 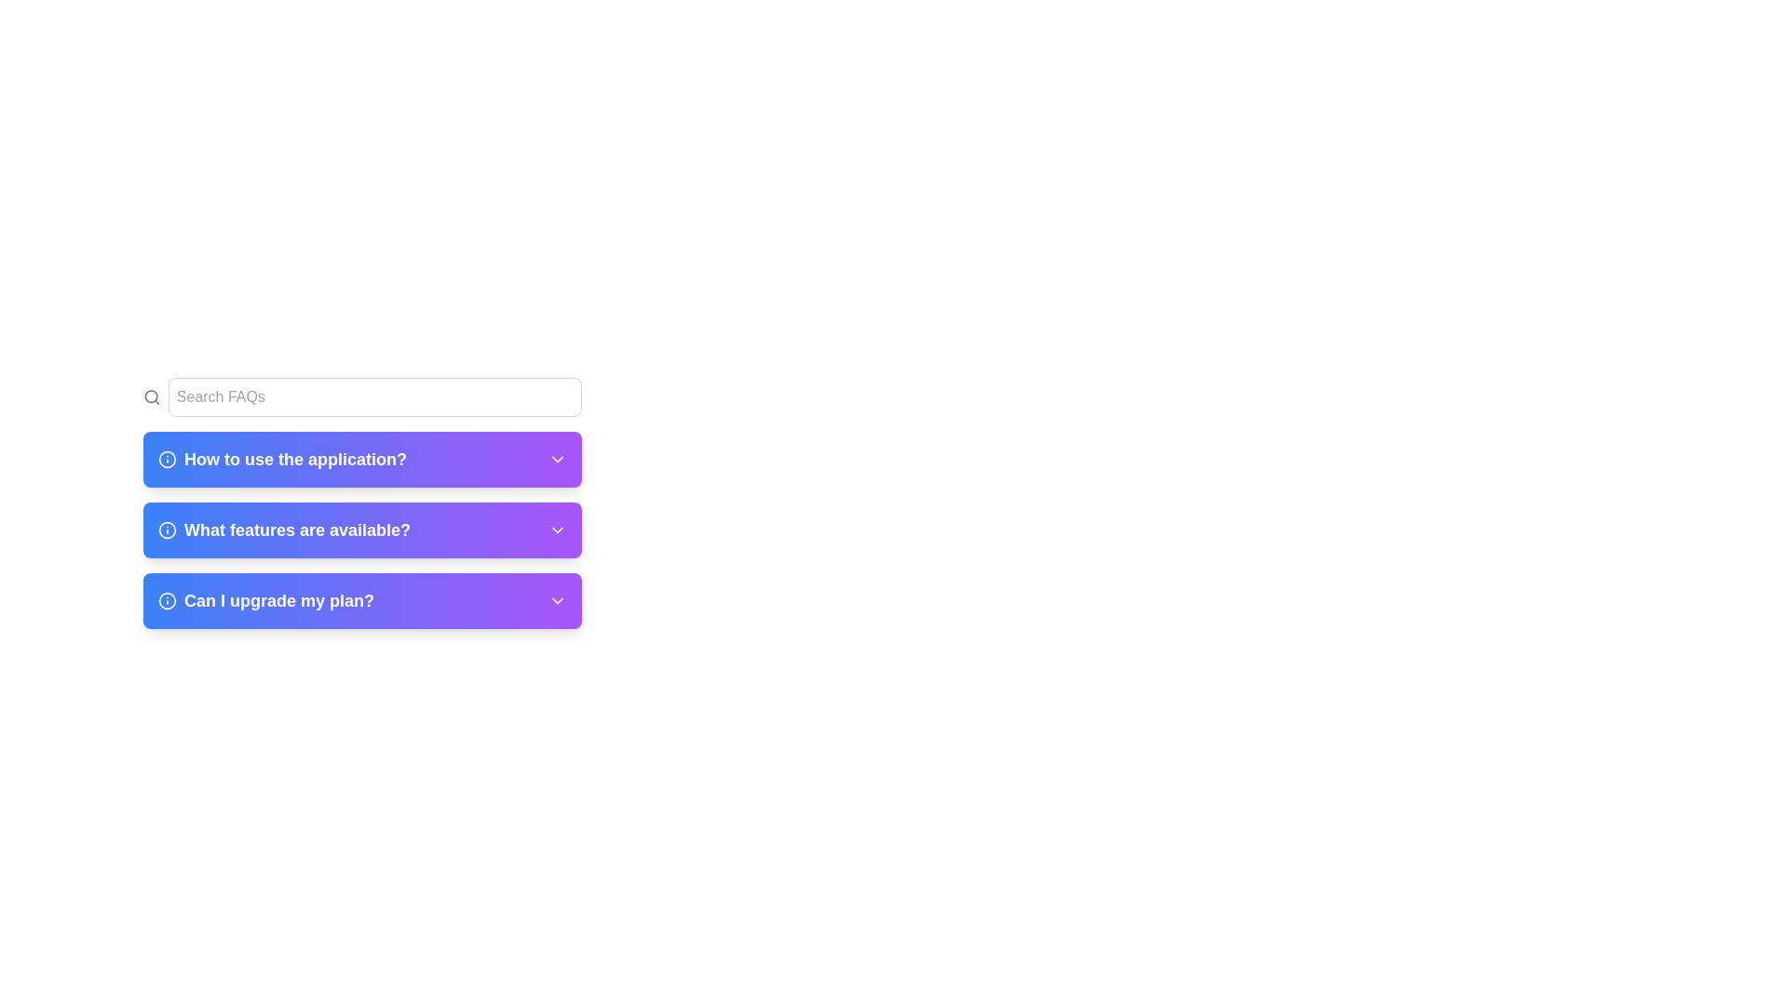 What do you see at coordinates (296, 530) in the screenshot?
I see `text content of the FAQ section title located between 'How to use the application?' and 'Can I upgrade my plan?'` at bounding box center [296, 530].